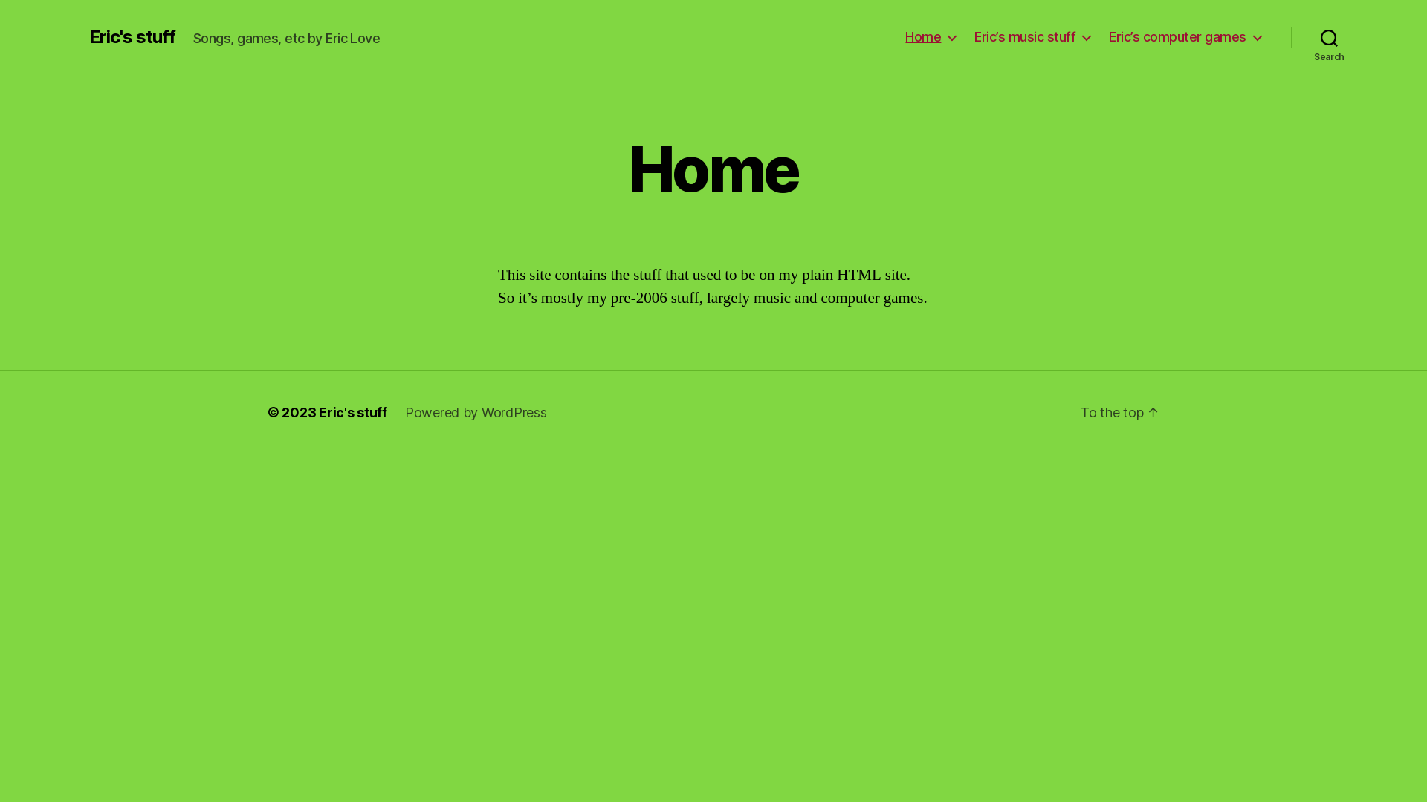 This screenshot has height=802, width=1427. Describe the element at coordinates (132, 36) in the screenshot. I see `'Eric's stuff'` at that location.